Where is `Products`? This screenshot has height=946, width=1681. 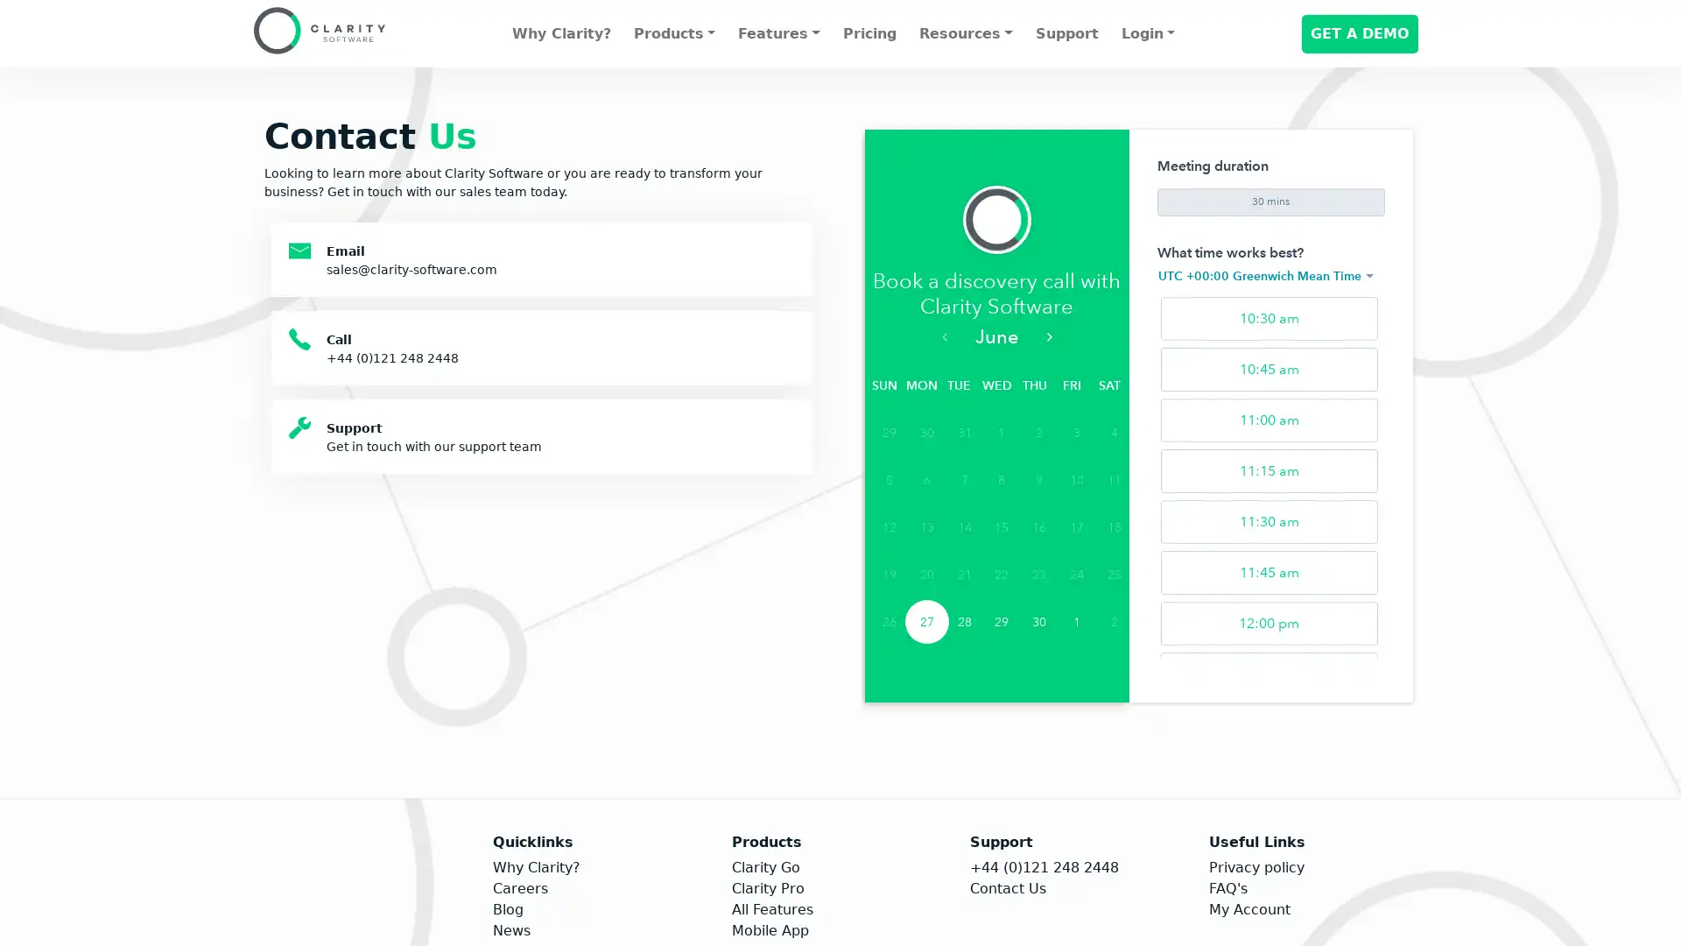 Products is located at coordinates (672, 33).